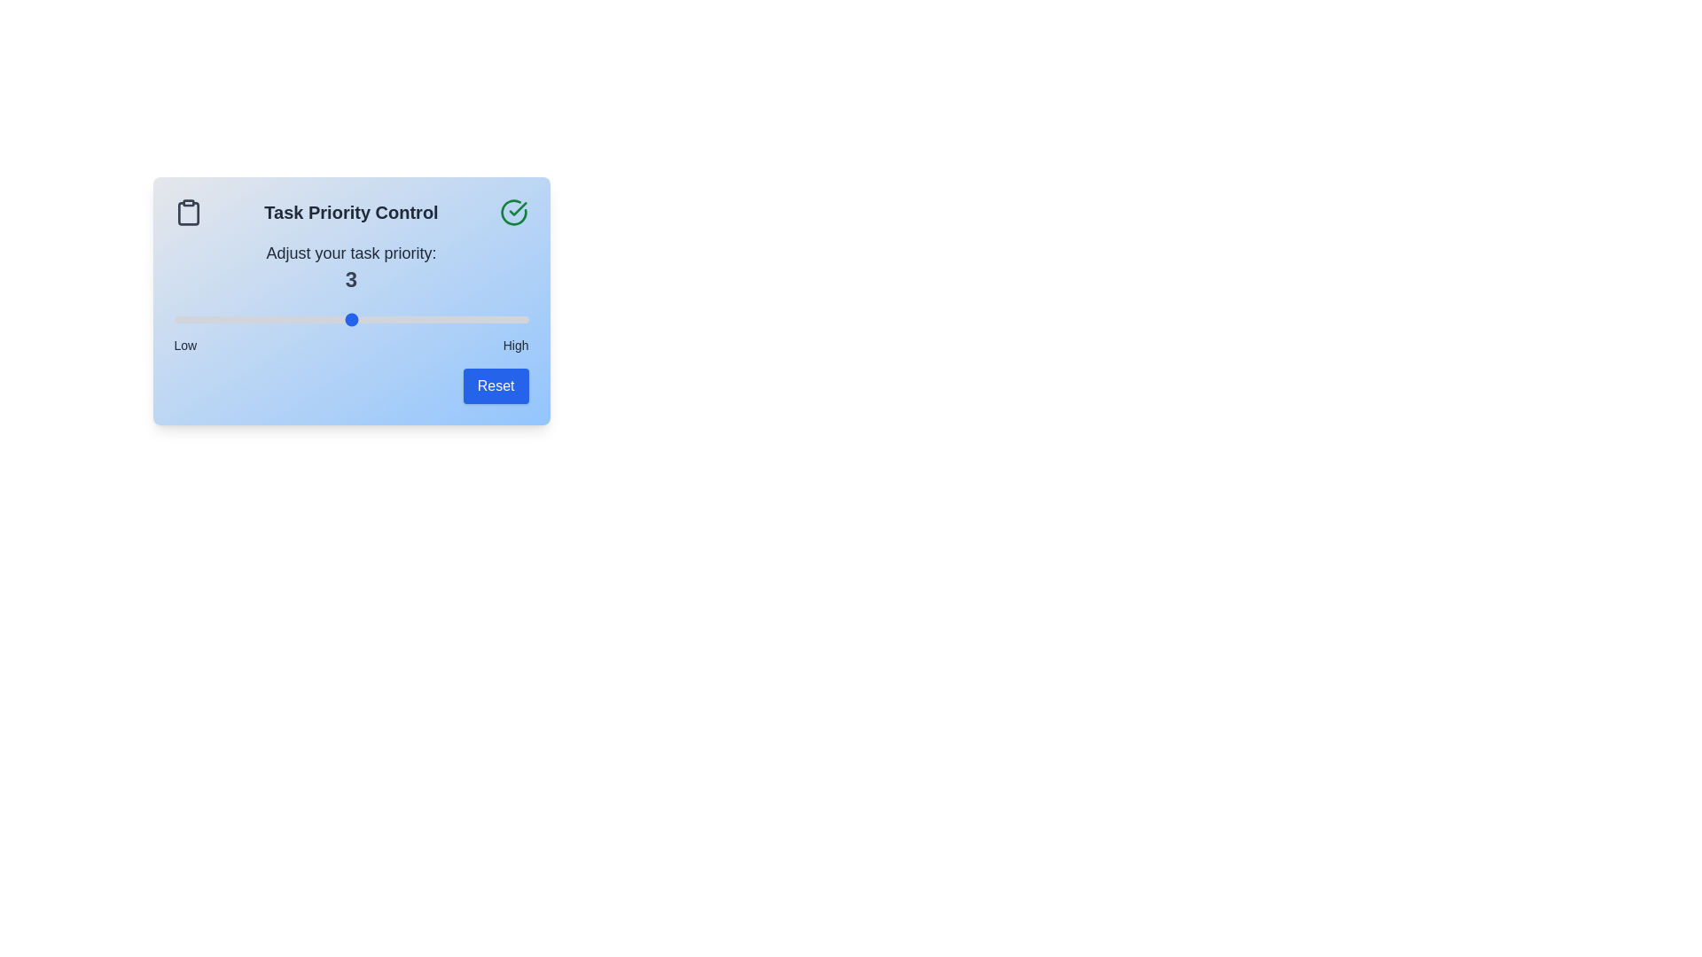 This screenshot has width=1702, height=957. I want to click on the priority slider to 2 within the range of 1 to 5, so click(262, 320).